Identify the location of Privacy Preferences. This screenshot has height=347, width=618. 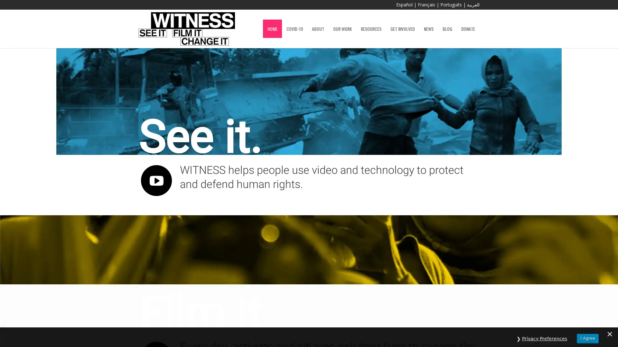
(544, 335).